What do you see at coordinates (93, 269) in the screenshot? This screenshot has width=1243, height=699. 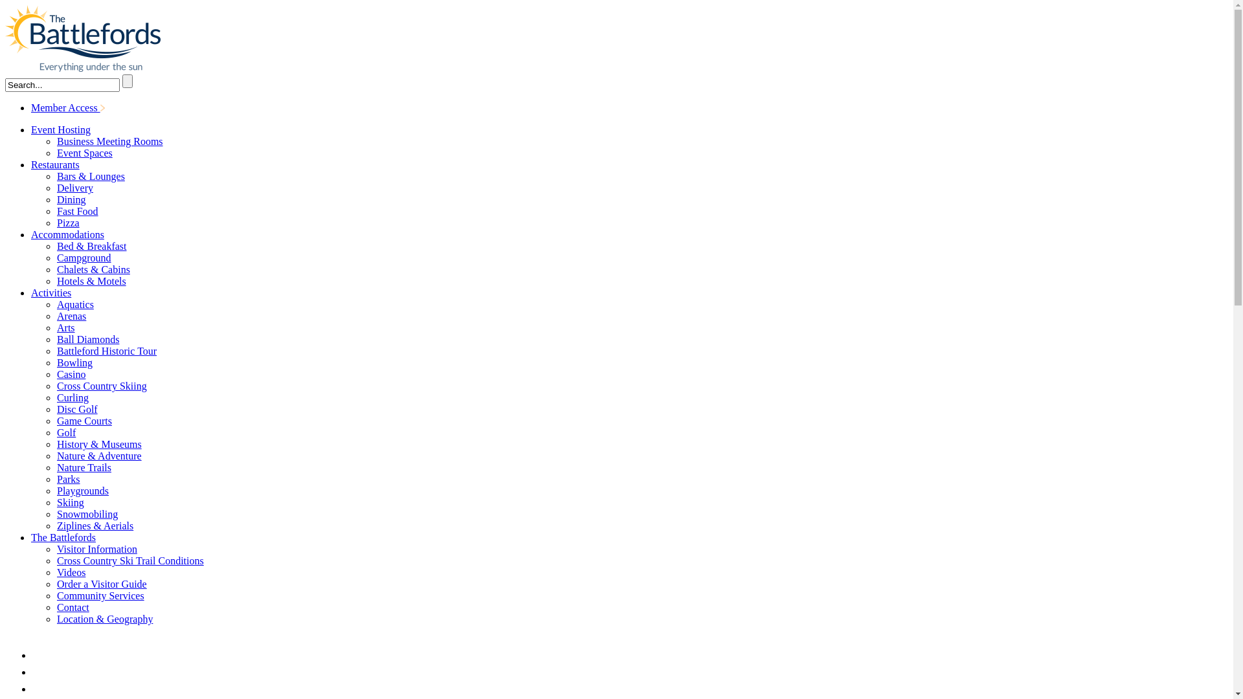 I see `'Chalets & Cabins'` at bounding box center [93, 269].